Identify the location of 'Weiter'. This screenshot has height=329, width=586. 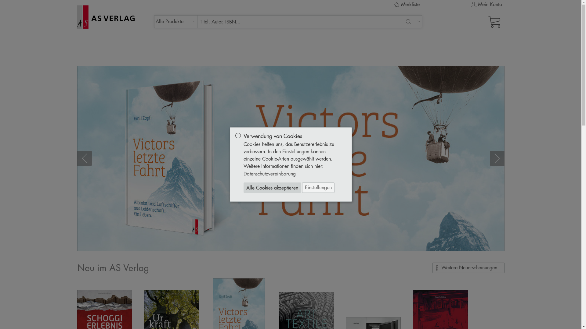
(497, 158).